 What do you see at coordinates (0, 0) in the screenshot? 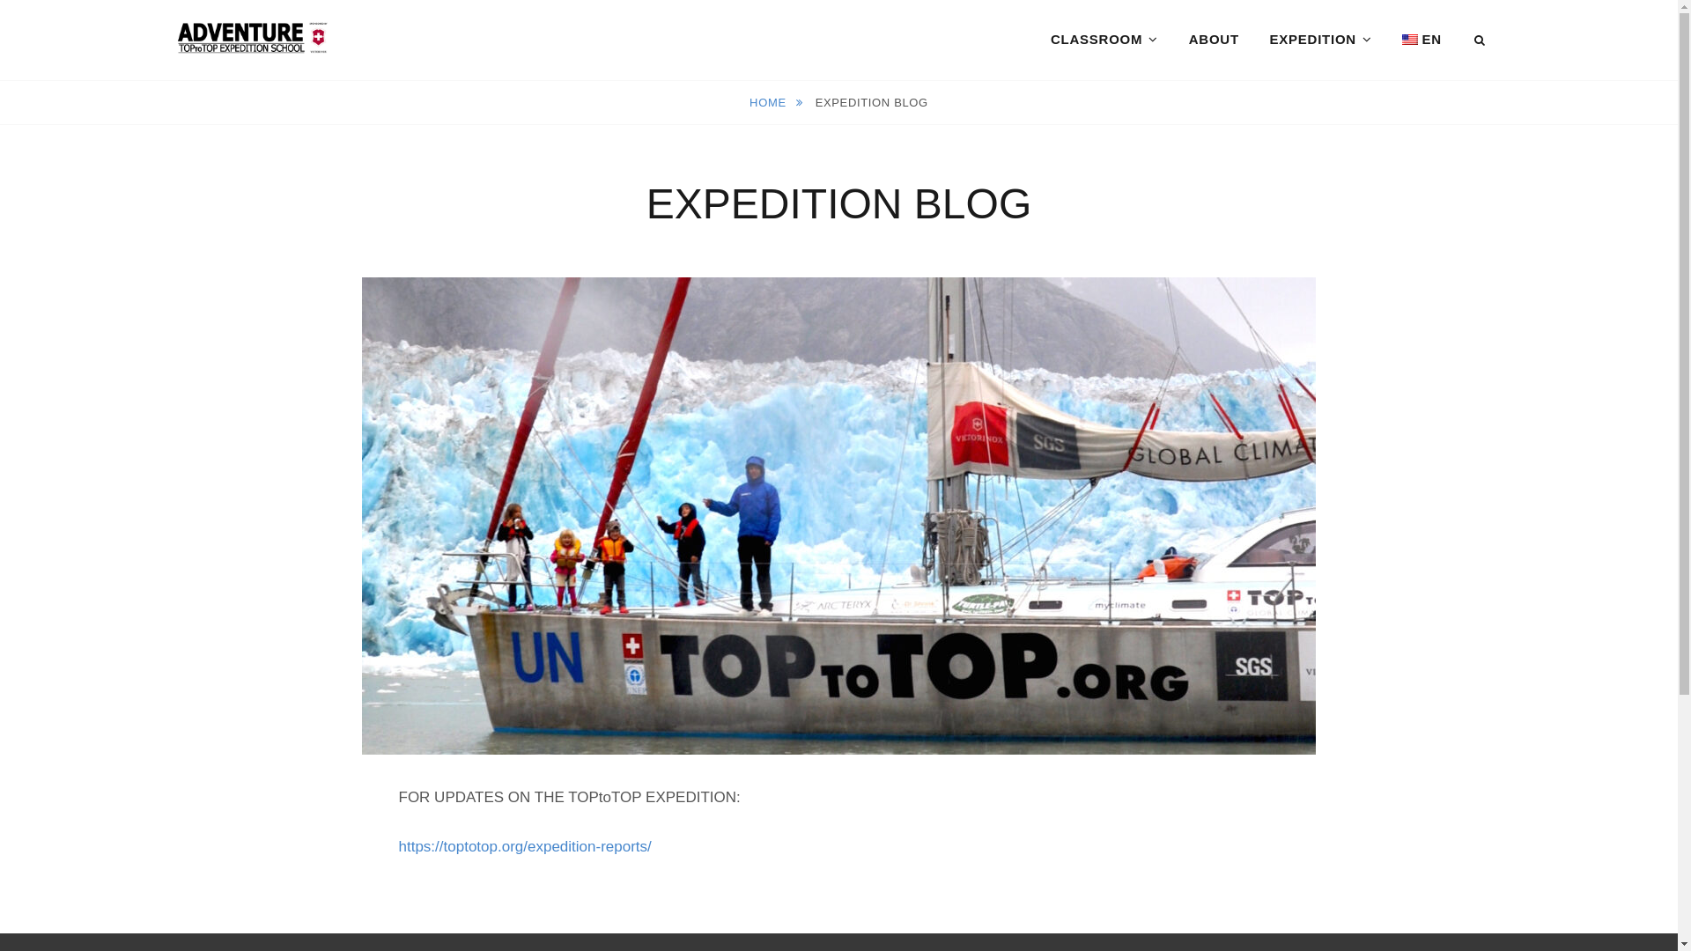
I see `'Skip to content'` at bounding box center [0, 0].